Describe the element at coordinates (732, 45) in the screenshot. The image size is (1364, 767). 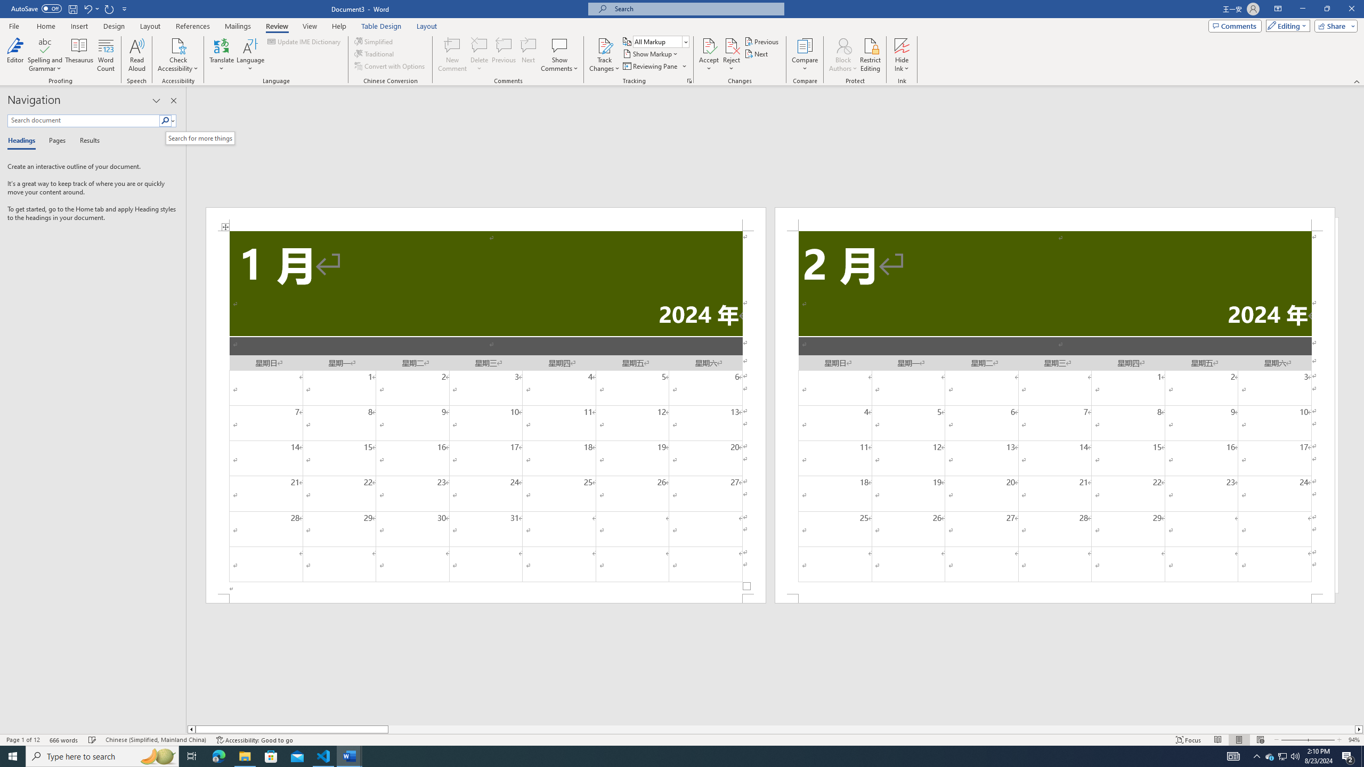
I see `'Reject and Move to Next'` at that location.